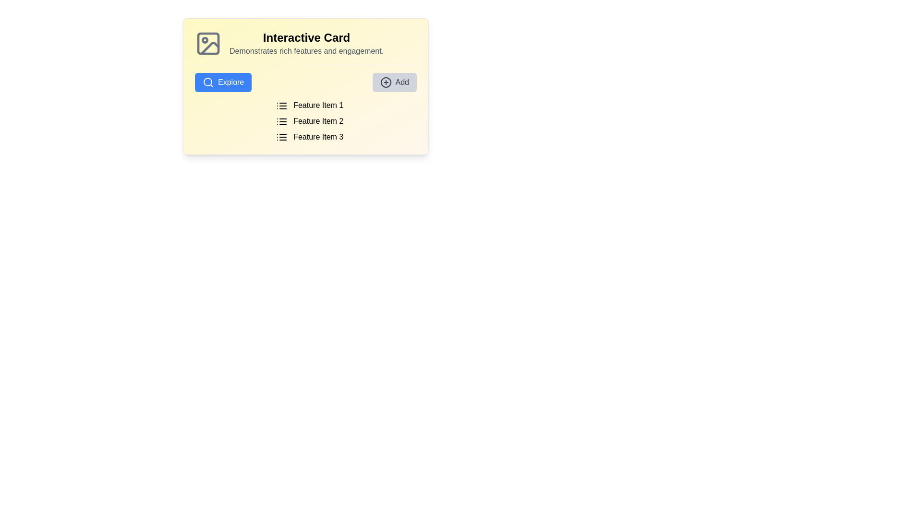 The image size is (922, 518). Describe the element at coordinates (386, 82) in the screenshot. I see `the circular icon containing a plus symbol, which is embedded within the 'Add' button located in the top-right section of the interface` at that location.